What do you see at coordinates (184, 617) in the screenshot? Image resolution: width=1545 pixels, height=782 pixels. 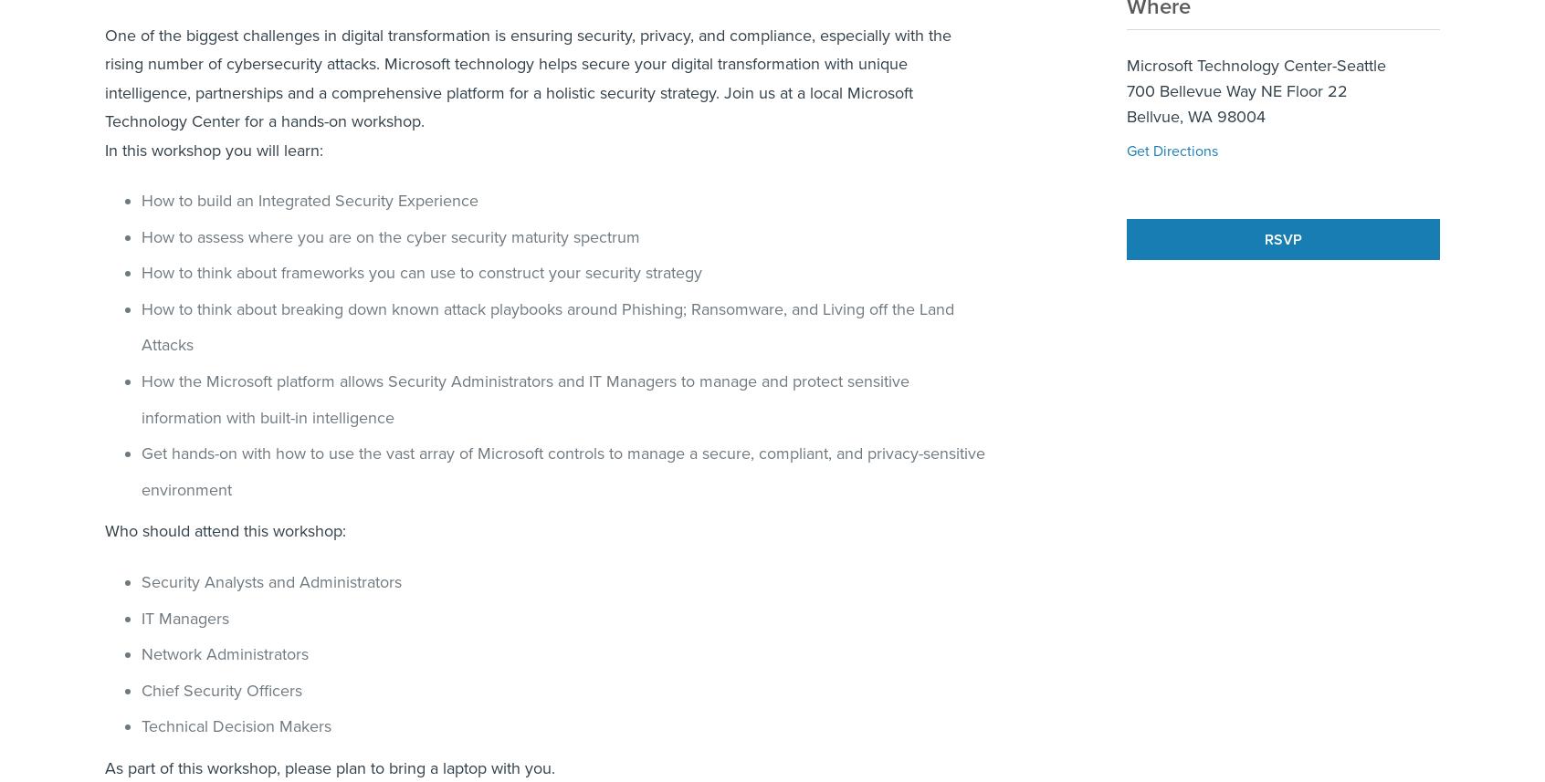 I see `'IT Managers'` at bounding box center [184, 617].